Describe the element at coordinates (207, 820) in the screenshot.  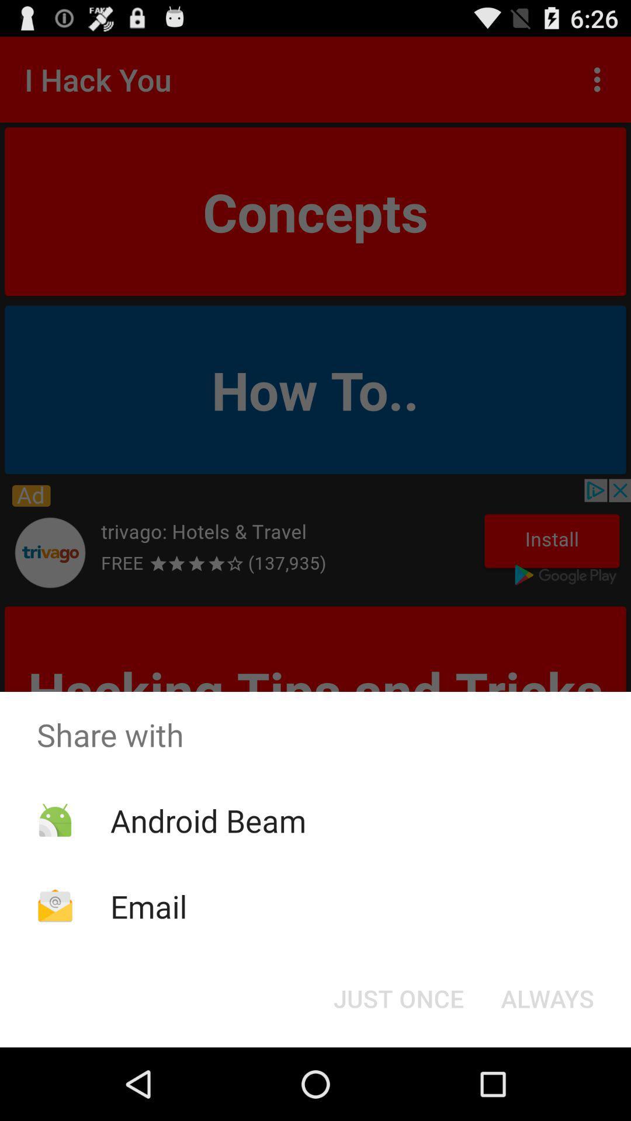
I see `item below the share with app` at that location.